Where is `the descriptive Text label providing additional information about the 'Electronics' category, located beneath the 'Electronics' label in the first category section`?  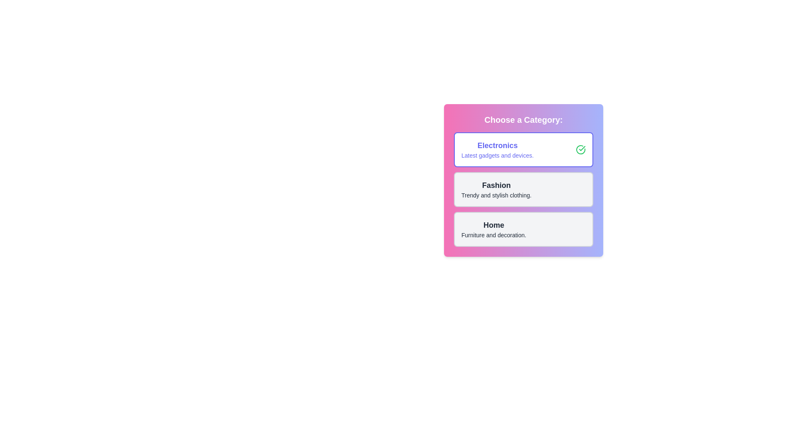
the descriptive Text label providing additional information about the 'Electronics' category, located beneath the 'Electronics' label in the first category section is located at coordinates (498, 155).